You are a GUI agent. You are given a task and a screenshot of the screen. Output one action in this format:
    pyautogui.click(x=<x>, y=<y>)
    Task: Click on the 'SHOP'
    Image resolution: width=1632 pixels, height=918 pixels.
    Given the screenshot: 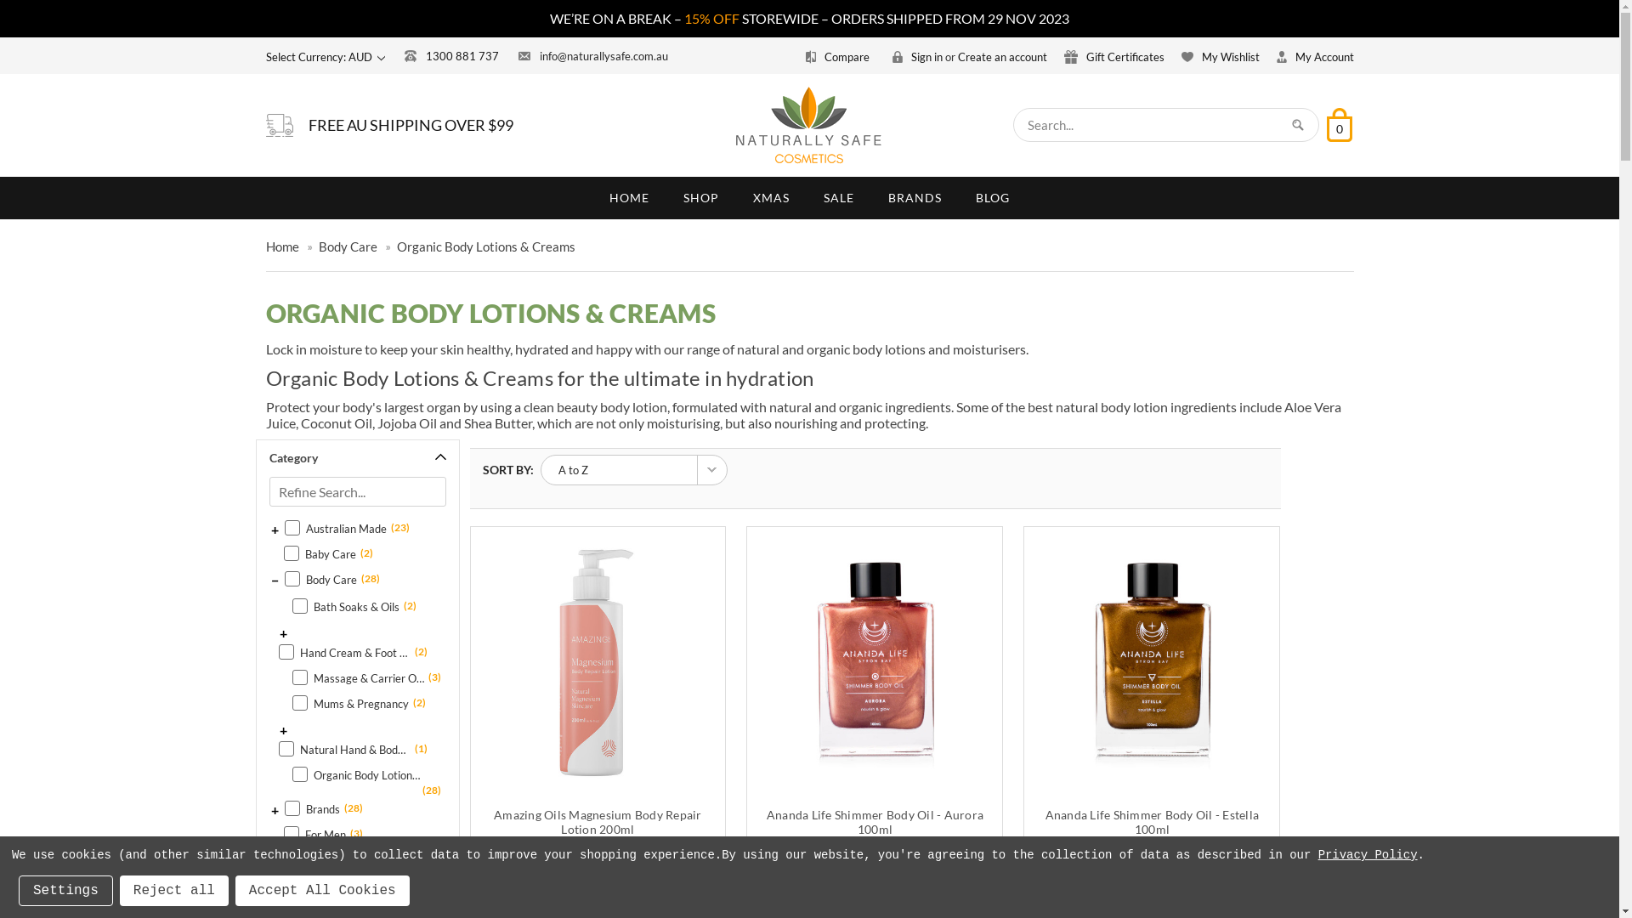 What is the action you would take?
    pyautogui.click(x=665, y=196)
    